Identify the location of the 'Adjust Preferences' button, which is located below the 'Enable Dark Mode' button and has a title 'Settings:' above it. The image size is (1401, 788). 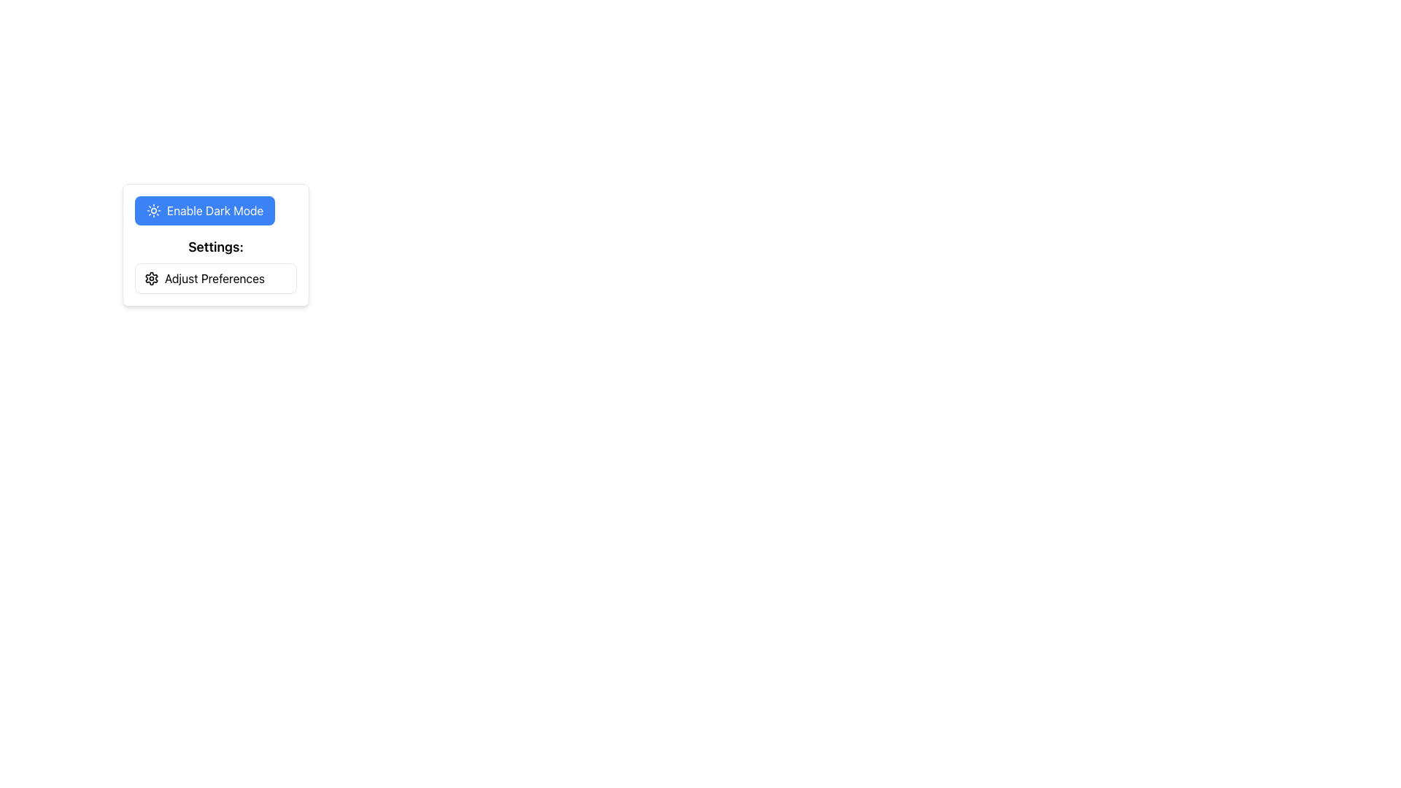
(215, 265).